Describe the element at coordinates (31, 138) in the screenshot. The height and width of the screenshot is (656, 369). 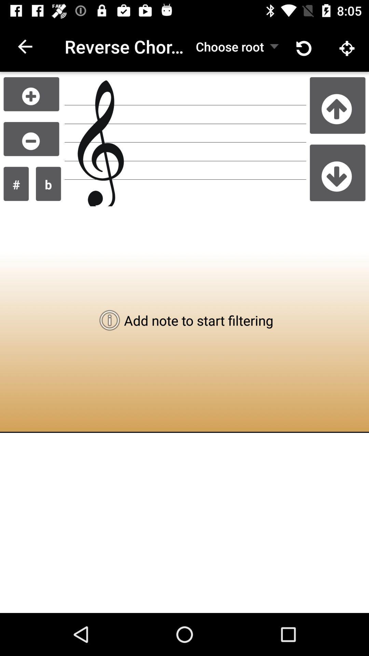
I see `the minus icon` at that location.